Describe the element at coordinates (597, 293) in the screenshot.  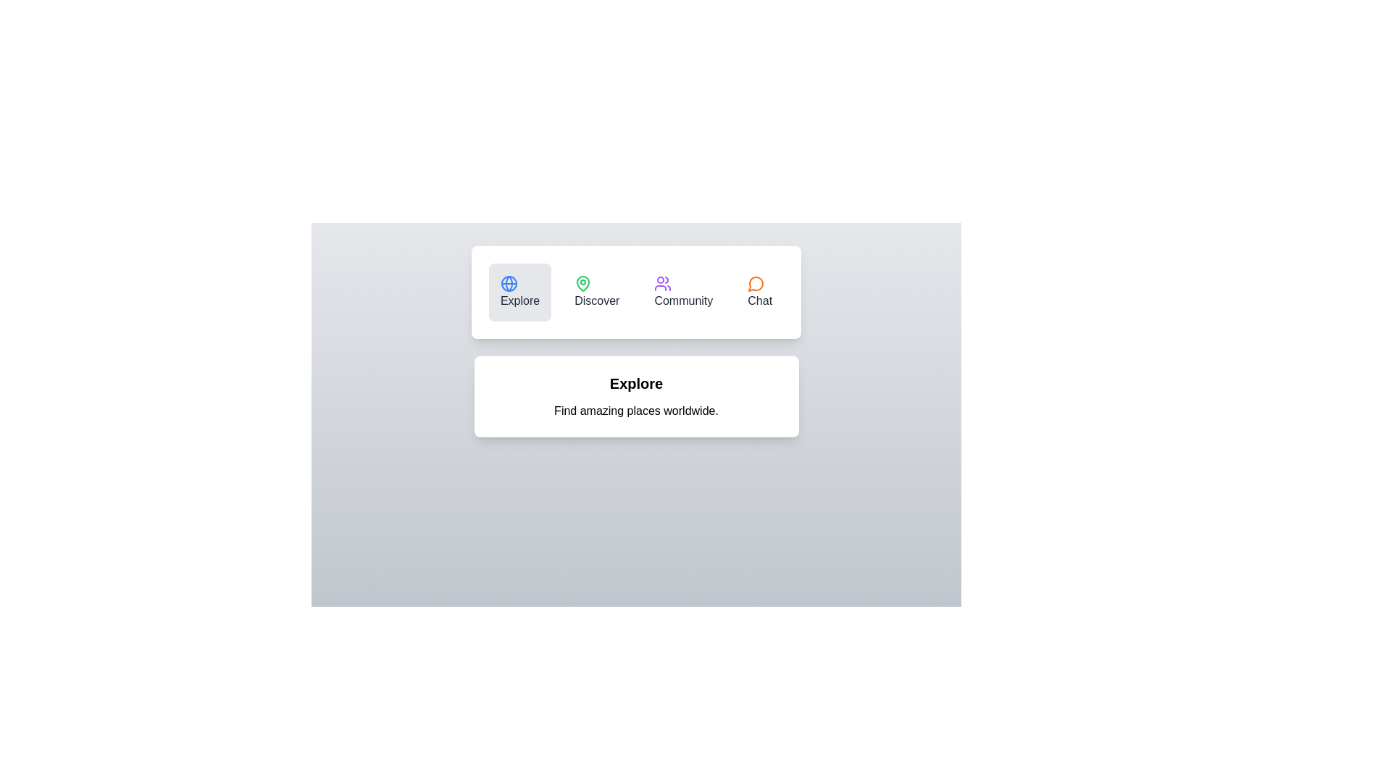
I see `the tab with label Discover to observe its hover effect` at that location.